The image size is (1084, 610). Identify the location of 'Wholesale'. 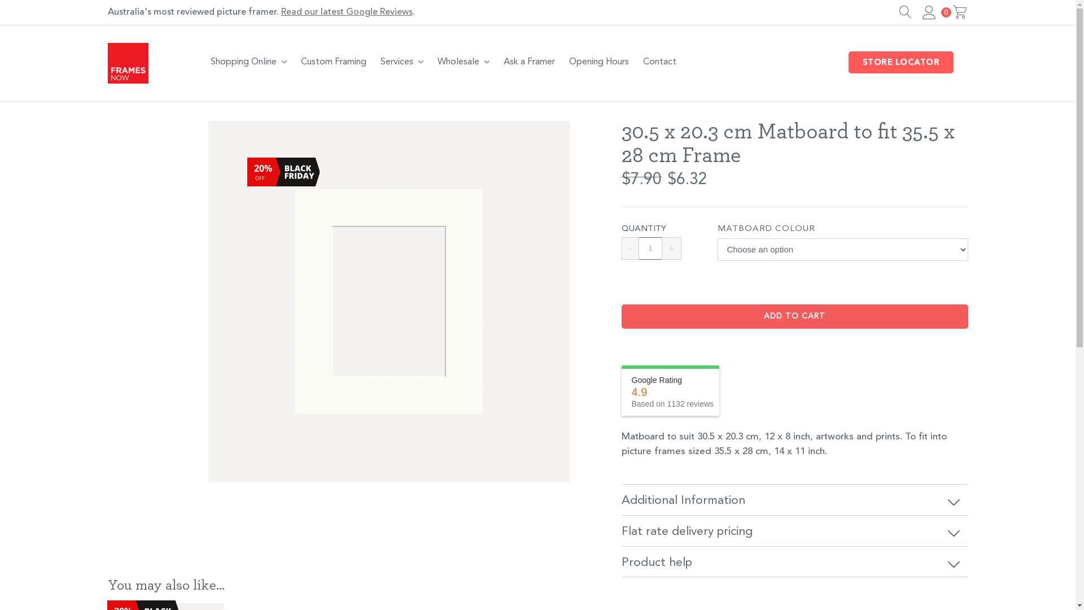
(463, 62).